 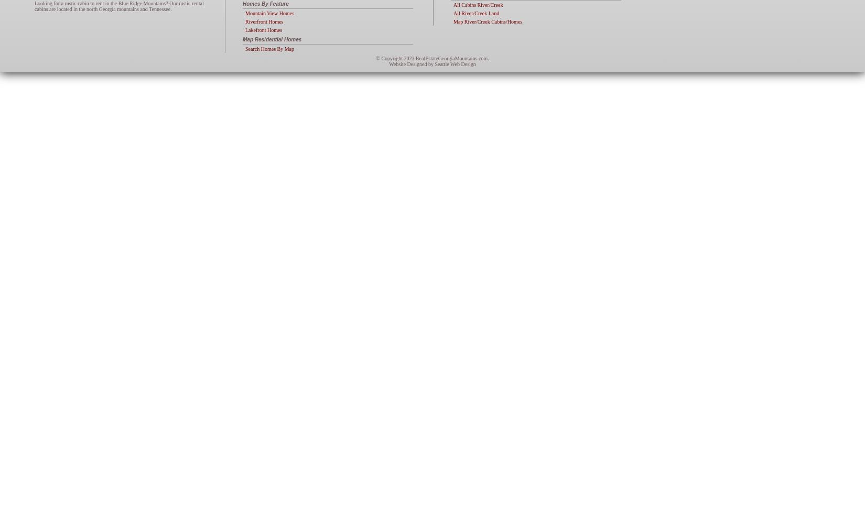 I want to click on 'Looking for a rustic cabin to rent in the Blue Ridge Mountains?  Our rustic rental cabins are located in the north Georgia mountains and Tennessee.', so click(x=119, y=5).